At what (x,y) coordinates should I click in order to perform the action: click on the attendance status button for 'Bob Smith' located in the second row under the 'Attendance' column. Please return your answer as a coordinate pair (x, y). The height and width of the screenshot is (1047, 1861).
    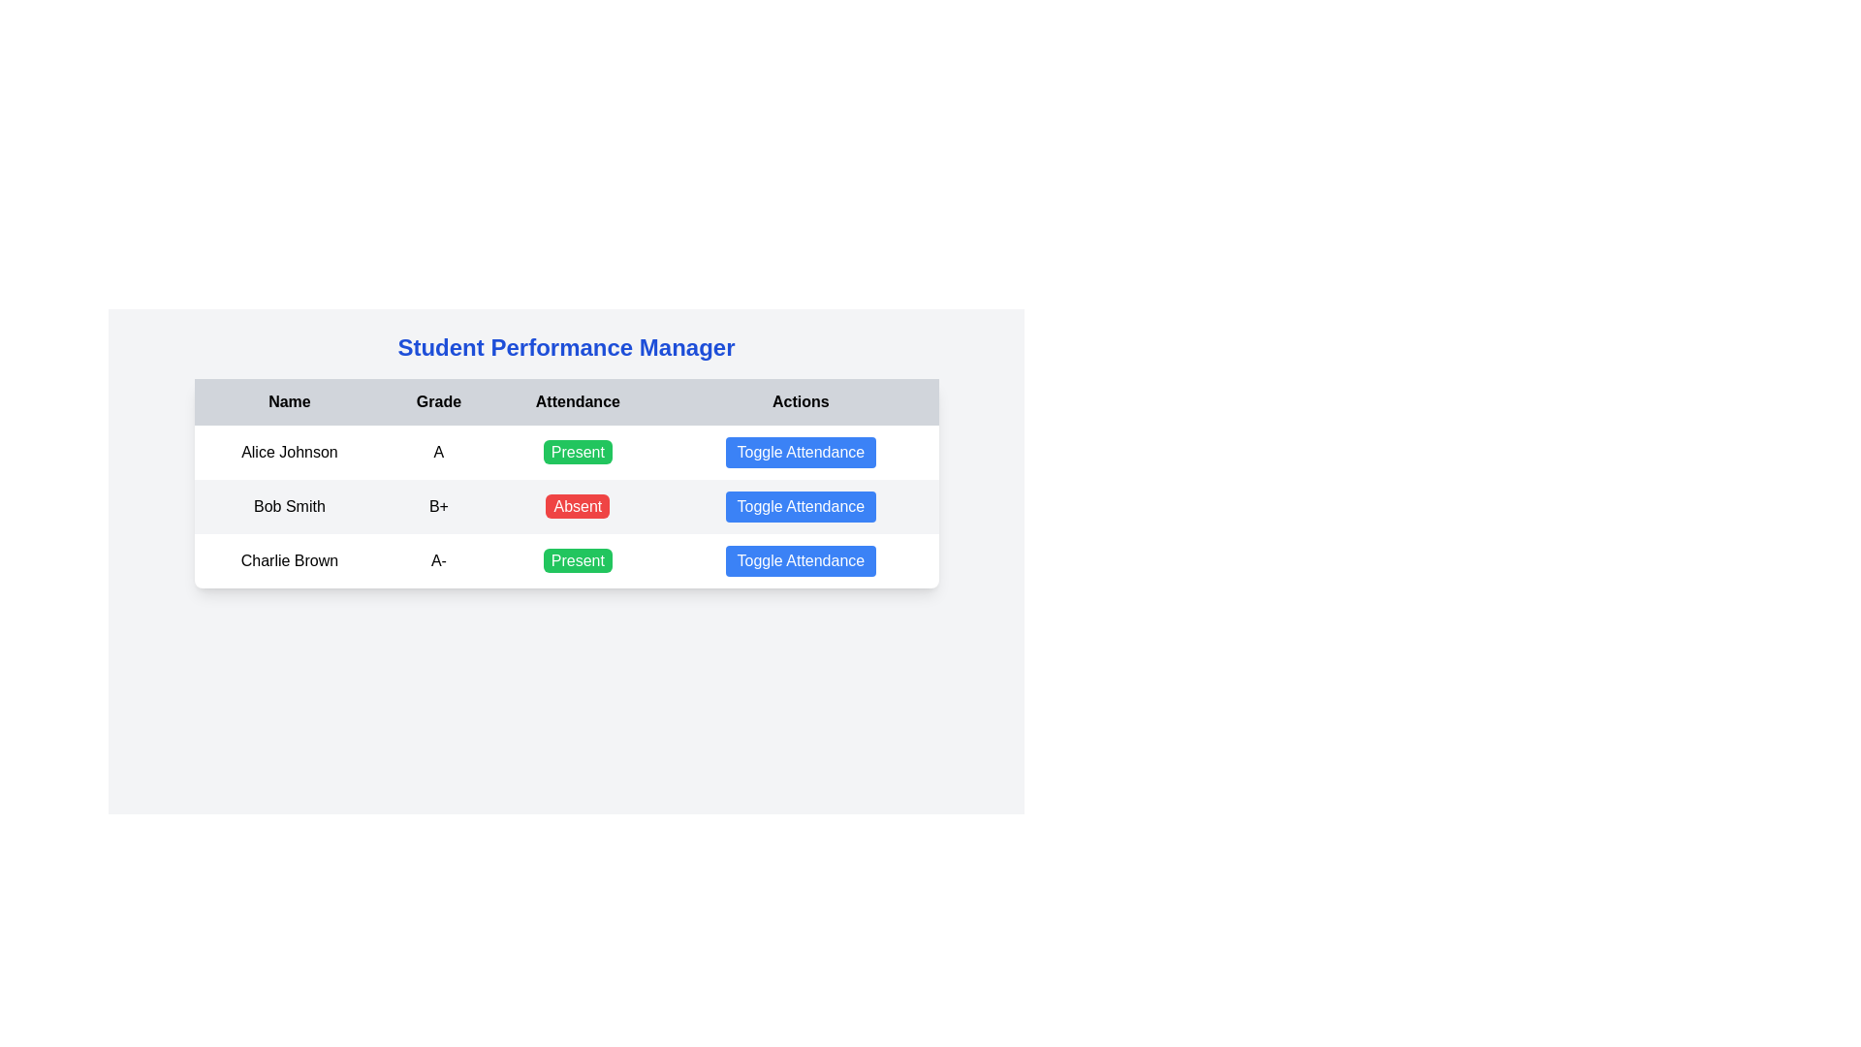
    Looking at the image, I should click on (577, 506).